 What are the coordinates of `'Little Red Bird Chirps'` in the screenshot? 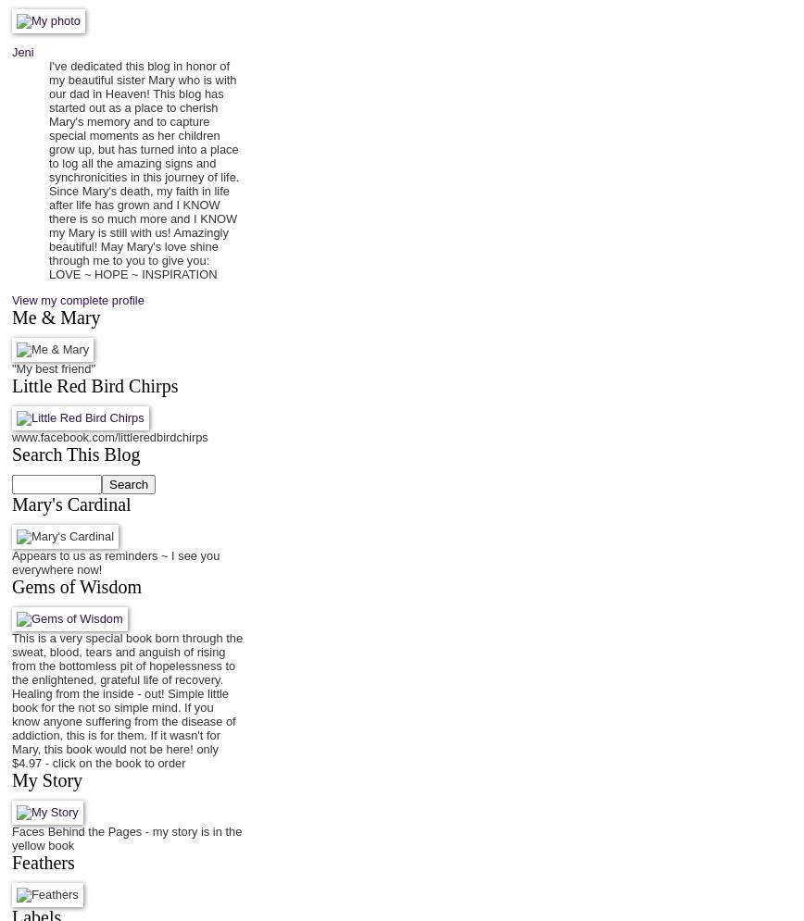 It's located at (94, 385).